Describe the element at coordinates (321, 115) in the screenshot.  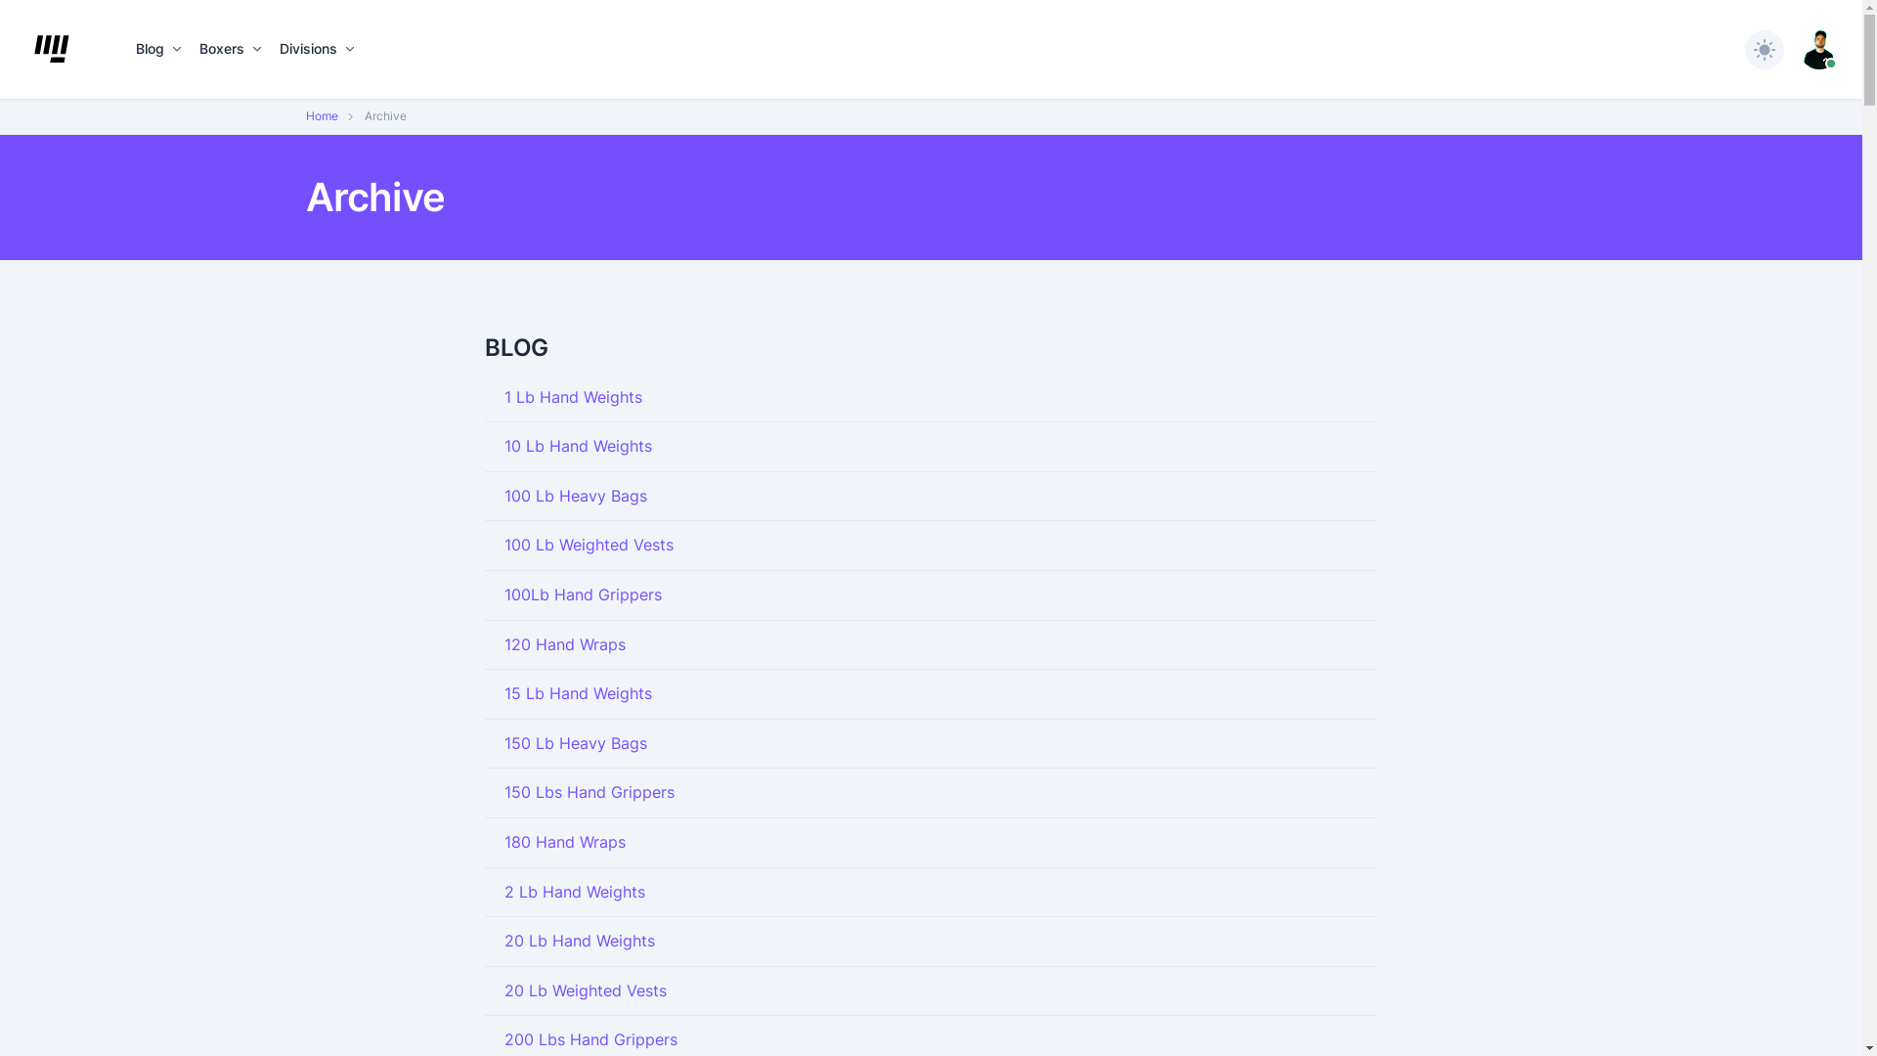
I see `'Home'` at that location.